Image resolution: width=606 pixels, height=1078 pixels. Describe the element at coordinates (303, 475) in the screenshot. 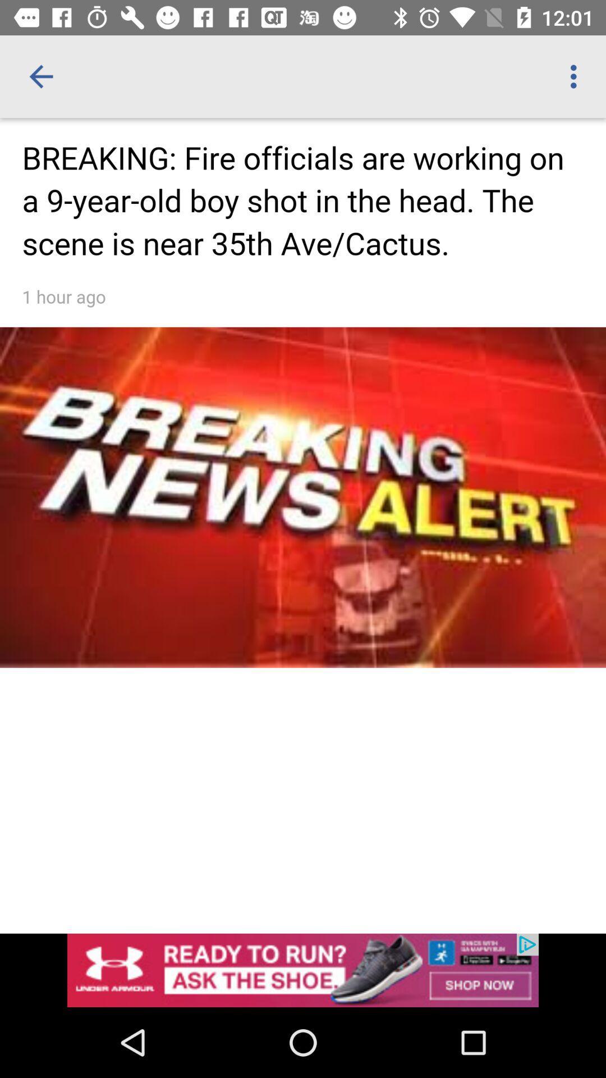

I see `open the story` at that location.